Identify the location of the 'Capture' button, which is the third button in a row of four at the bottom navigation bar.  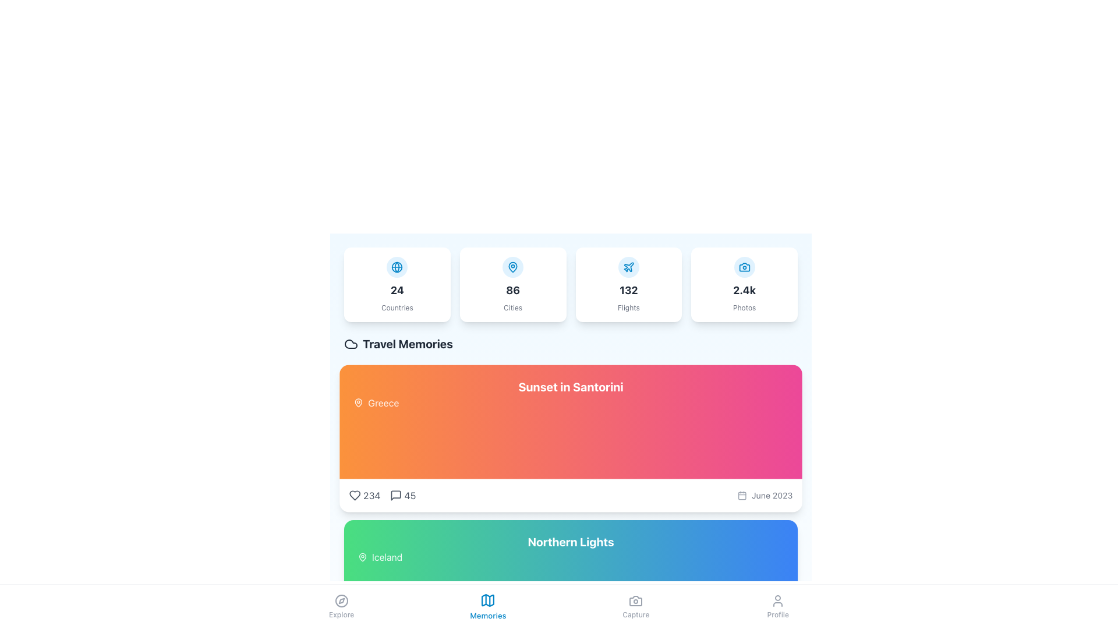
(635, 606).